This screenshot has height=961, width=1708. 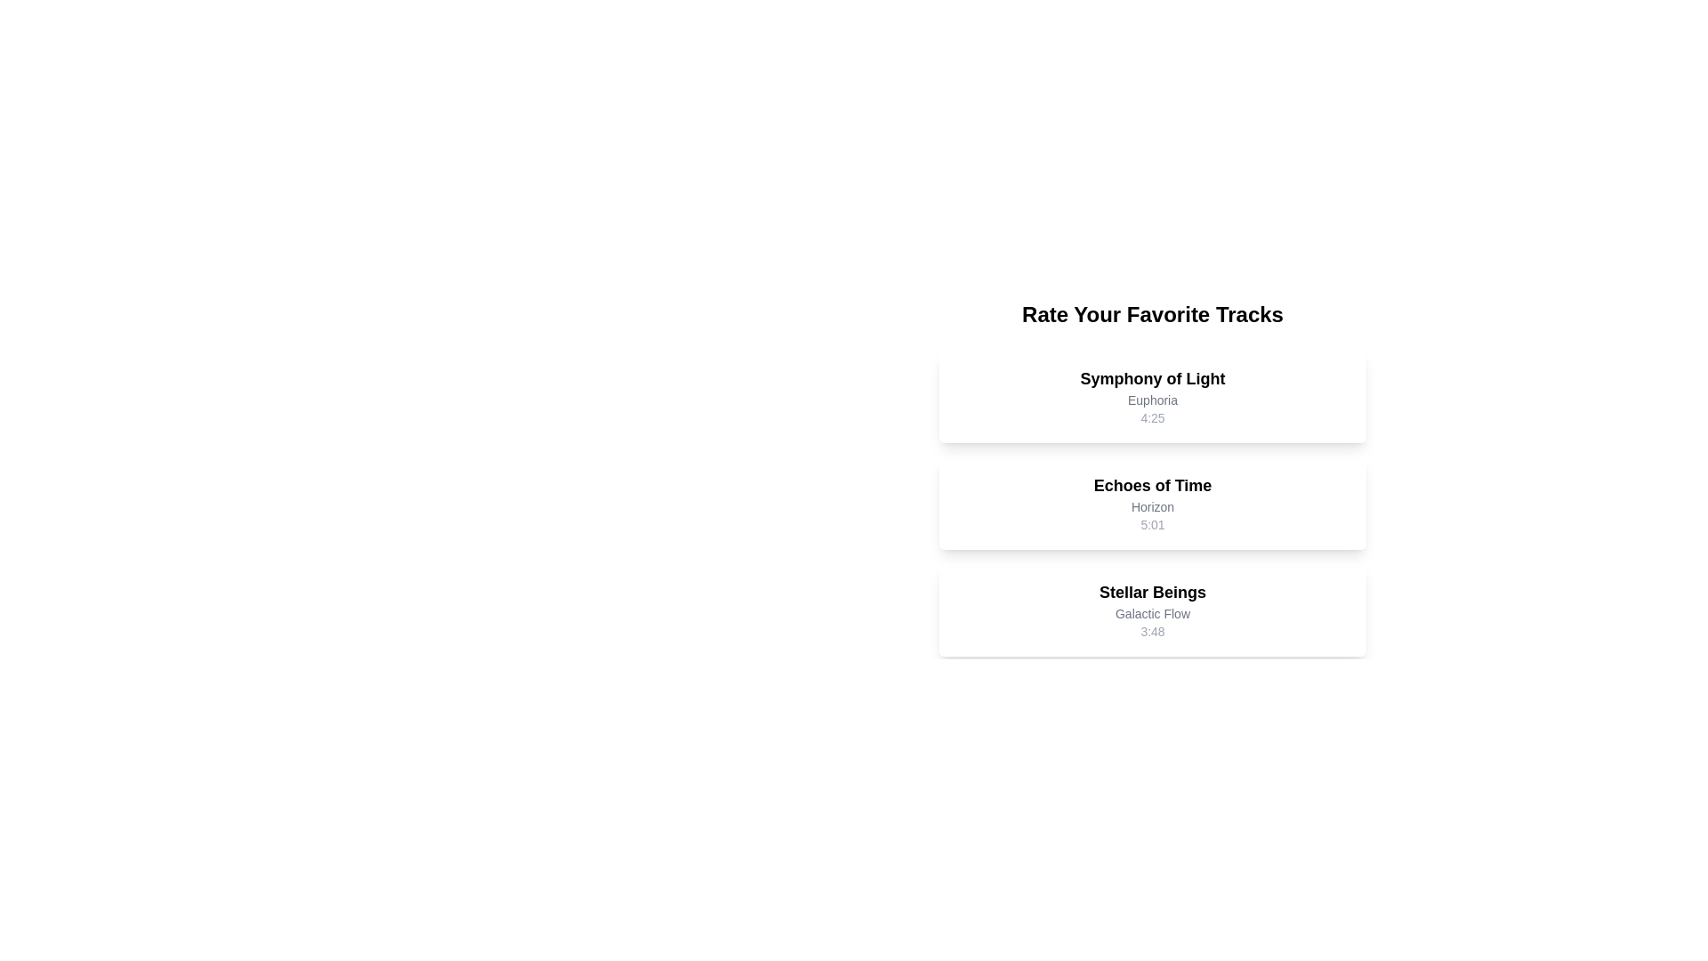 What do you see at coordinates (1153, 507) in the screenshot?
I see `the static text label that serves as a subheading for the track 'Echoes of Time', positioned below the title and above the duration text '5:01'` at bounding box center [1153, 507].